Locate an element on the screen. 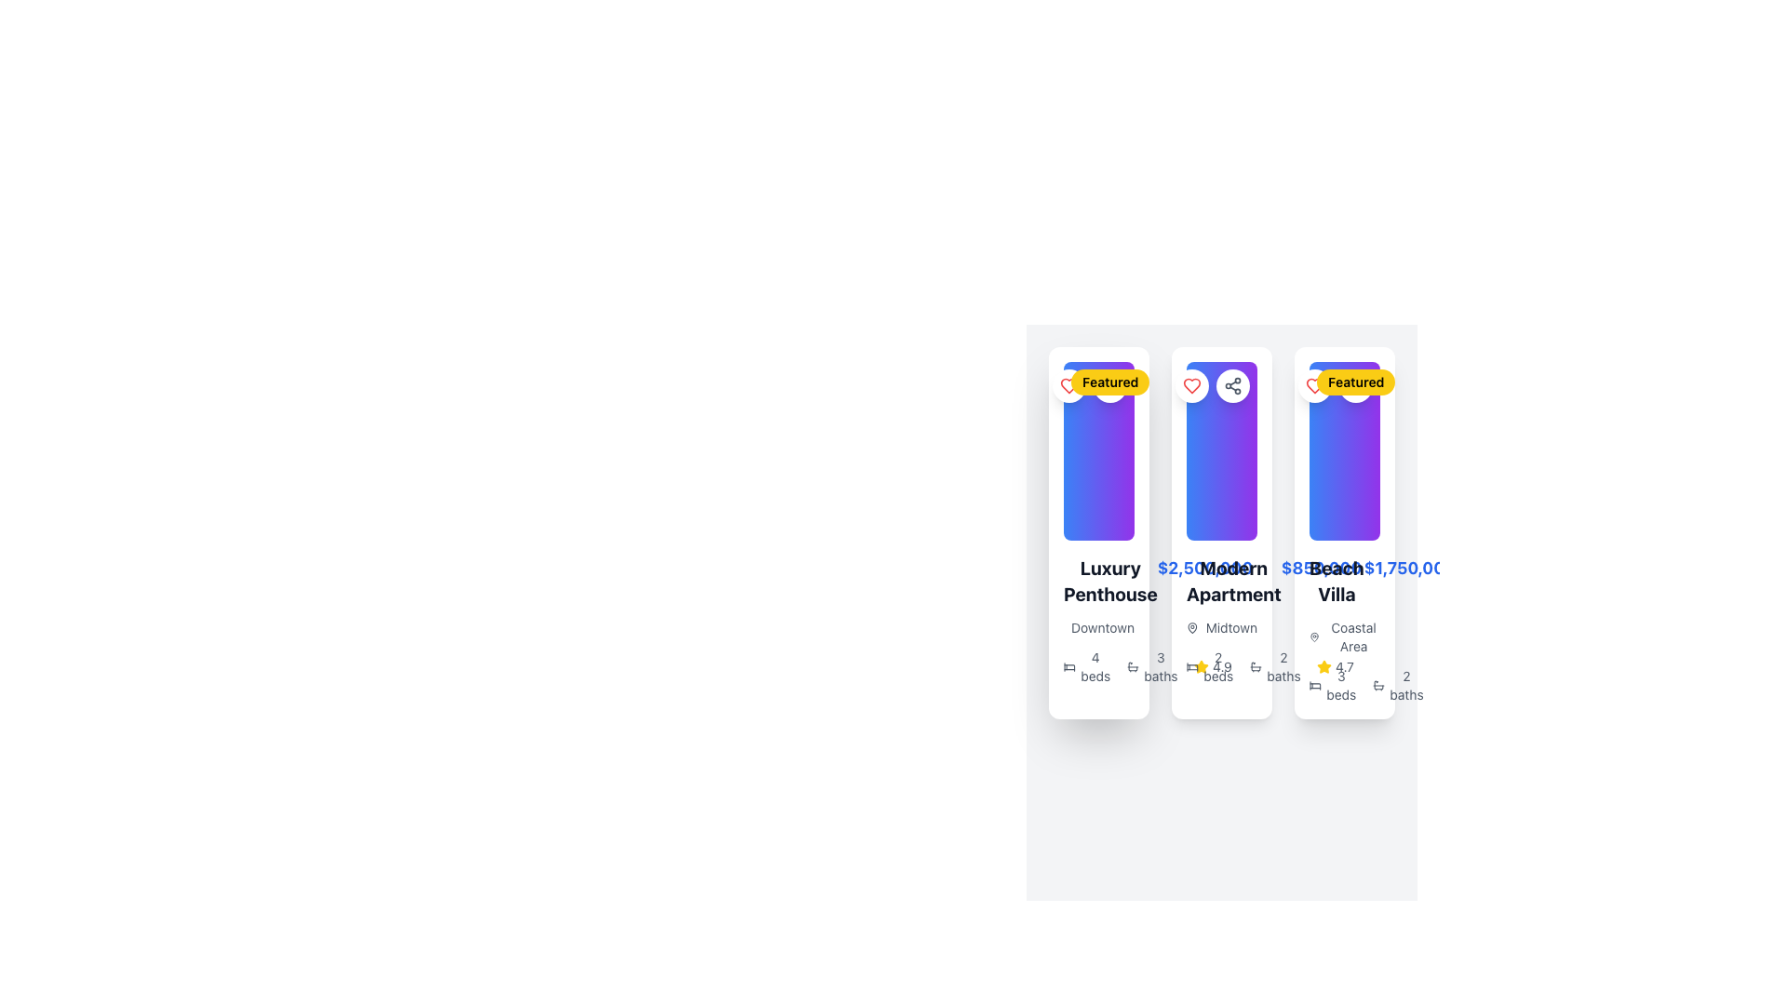 This screenshot has width=1787, height=1005. information displayed in the text indicating the number of bedrooms available for the property titled 'Luxury Penthouse' priced at '$2,500,000', located above the text '3 baths' and next to a bed icon is located at coordinates (1098, 666).